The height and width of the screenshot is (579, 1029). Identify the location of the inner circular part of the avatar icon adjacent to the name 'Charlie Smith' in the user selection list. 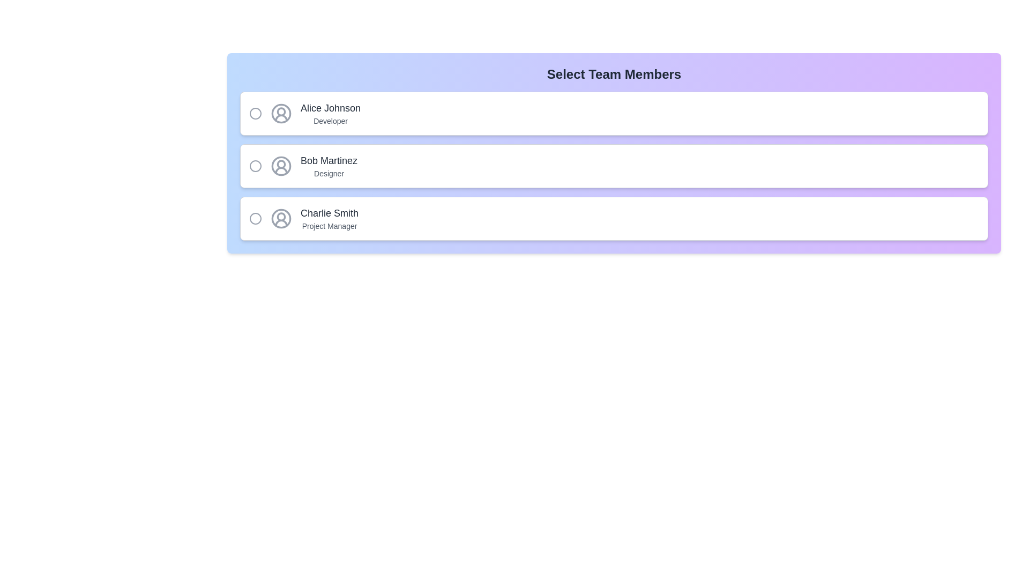
(281, 217).